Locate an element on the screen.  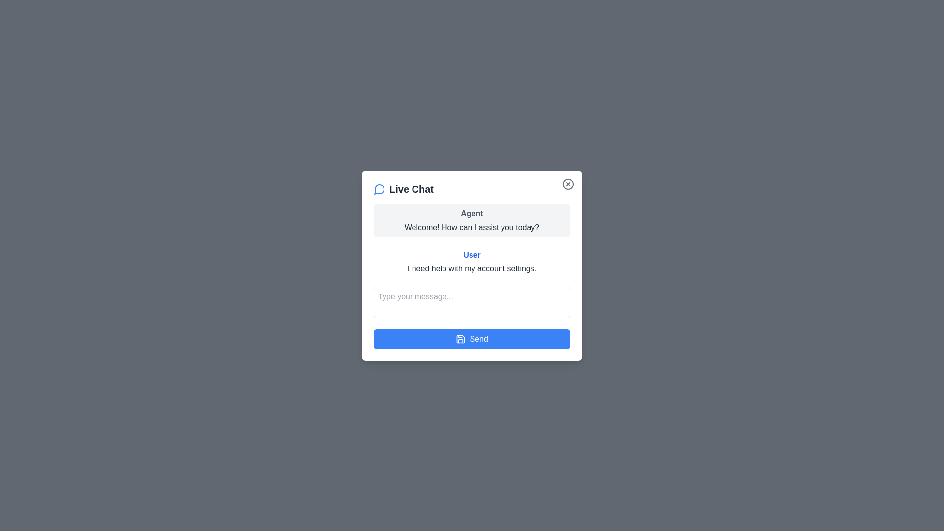
the input field and type a message is located at coordinates (472, 301).